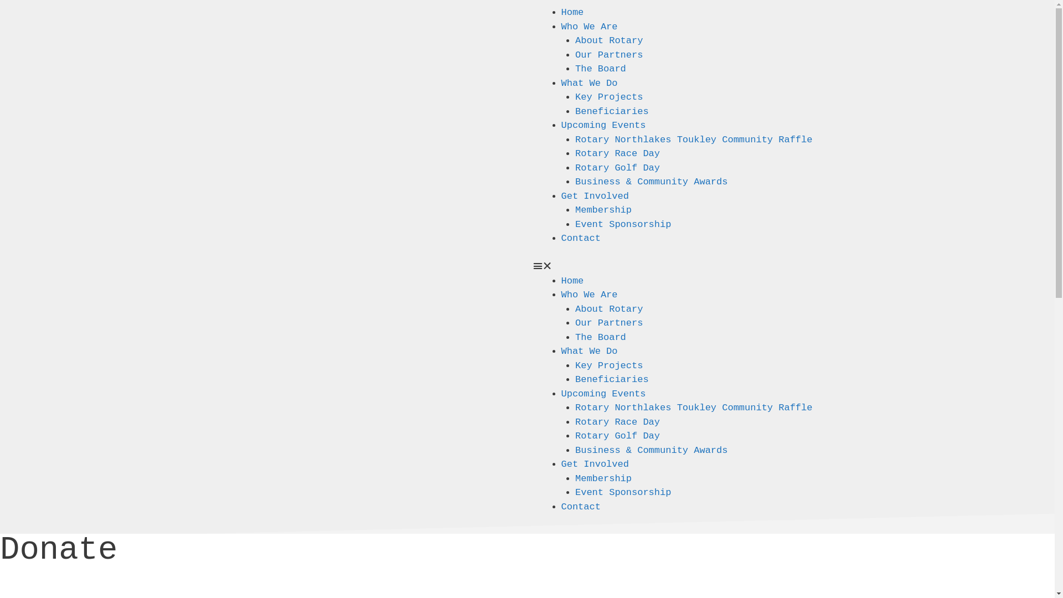  Describe the element at coordinates (608, 55) in the screenshot. I see `'Our Partners'` at that location.